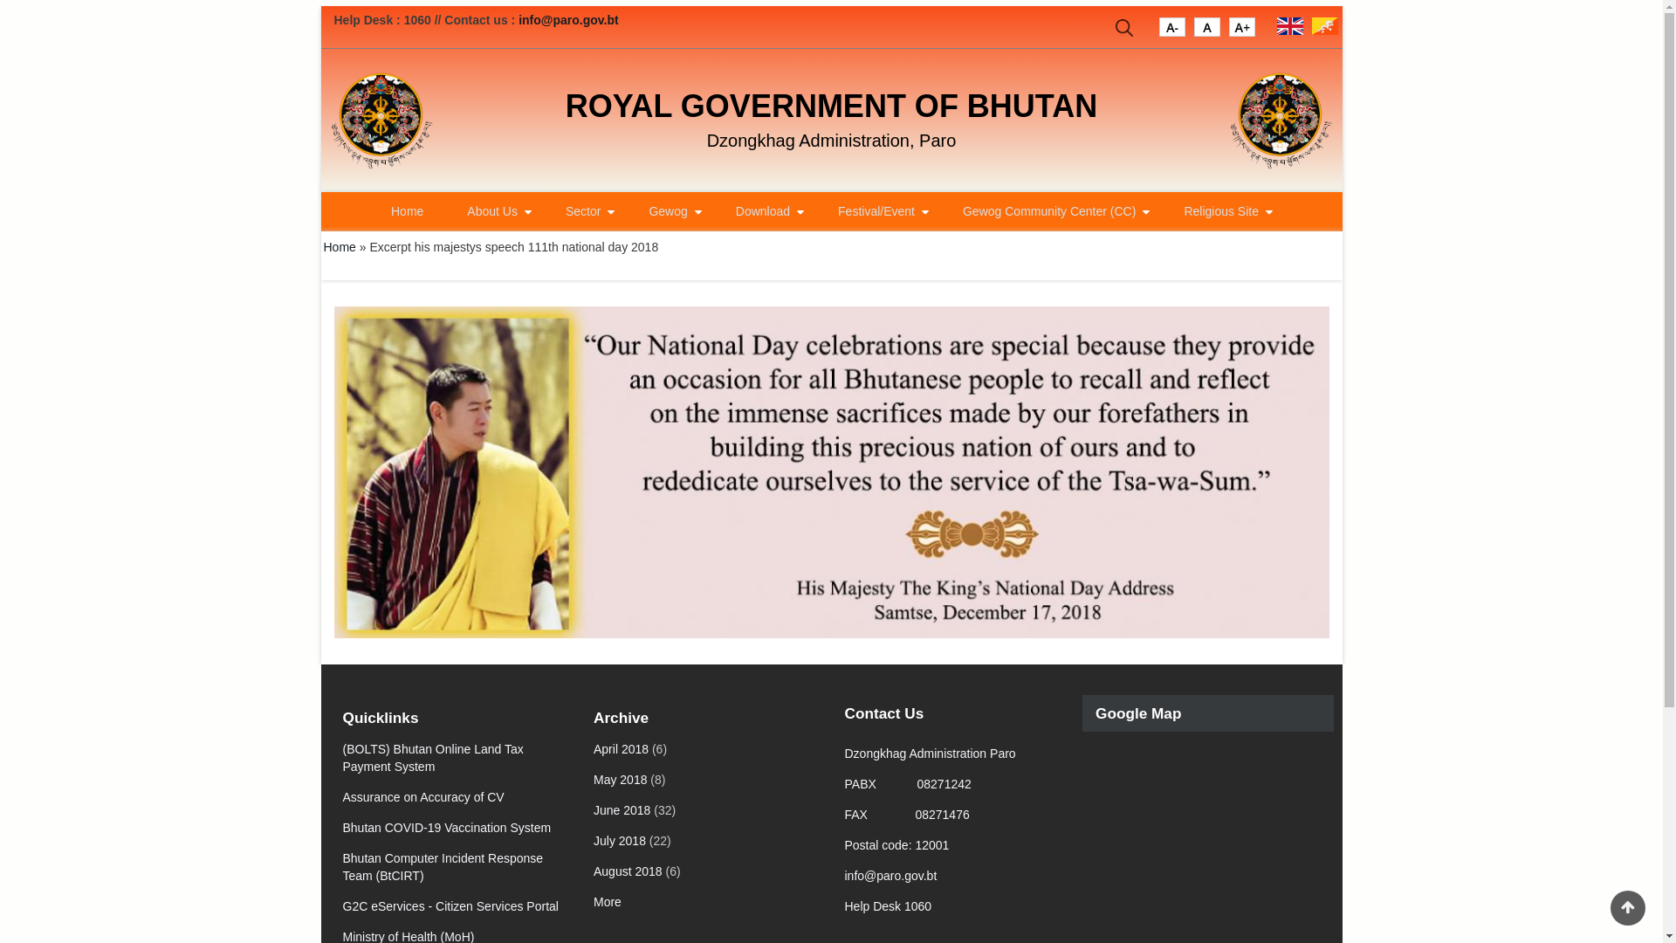 The height and width of the screenshot is (943, 1676). I want to click on 'August 2018', so click(628, 871).